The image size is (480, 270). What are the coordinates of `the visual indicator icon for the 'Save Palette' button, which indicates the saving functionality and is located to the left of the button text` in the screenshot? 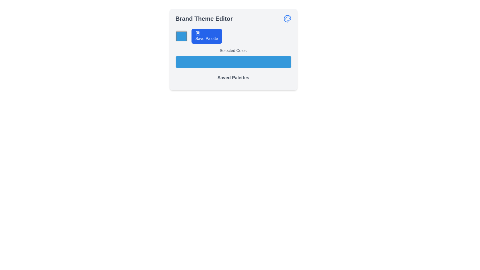 It's located at (197, 33).